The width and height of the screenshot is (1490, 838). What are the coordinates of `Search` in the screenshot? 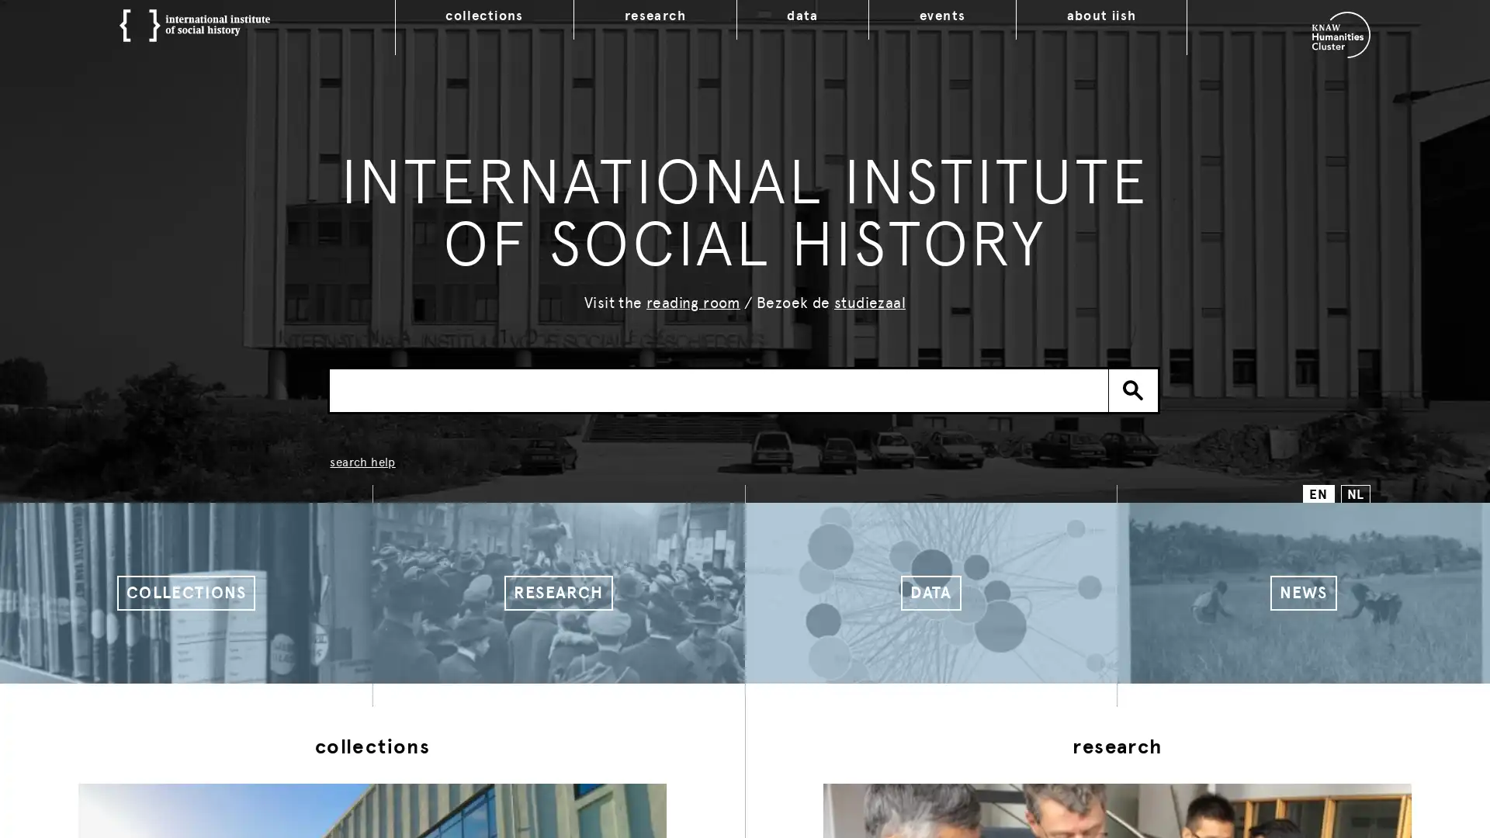 It's located at (1133, 389).